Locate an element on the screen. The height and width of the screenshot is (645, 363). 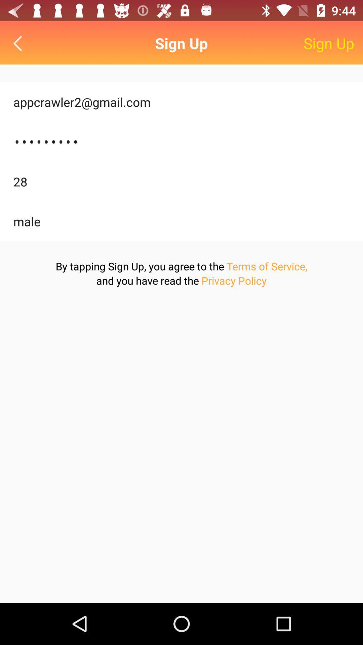
terms of service, is located at coordinates (267, 266).